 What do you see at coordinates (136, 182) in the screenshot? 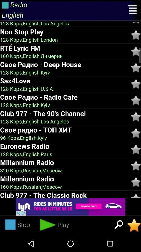
I see `to favorite` at bounding box center [136, 182].